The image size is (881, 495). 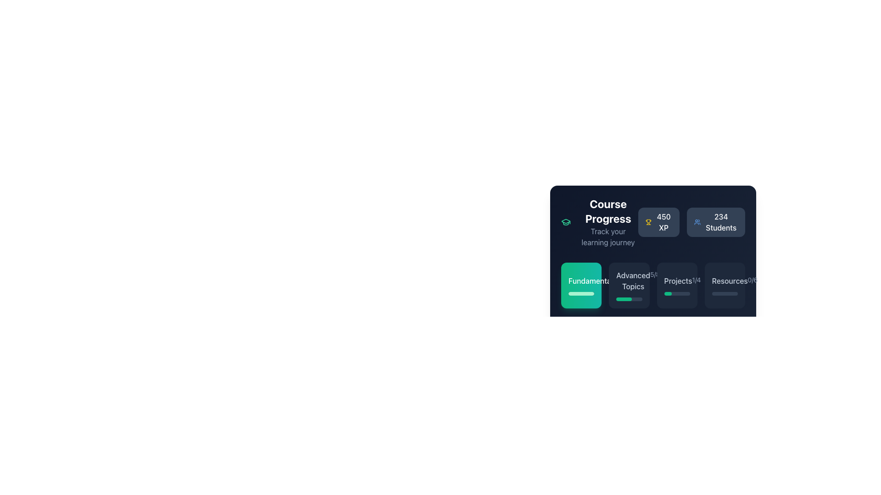 What do you see at coordinates (608, 236) in the screenshot?
I see `the static text label displaying 'Track your learning journey', which is positioned directly beneath the 'Course Progress' heading` at bounding box center [608, 236].